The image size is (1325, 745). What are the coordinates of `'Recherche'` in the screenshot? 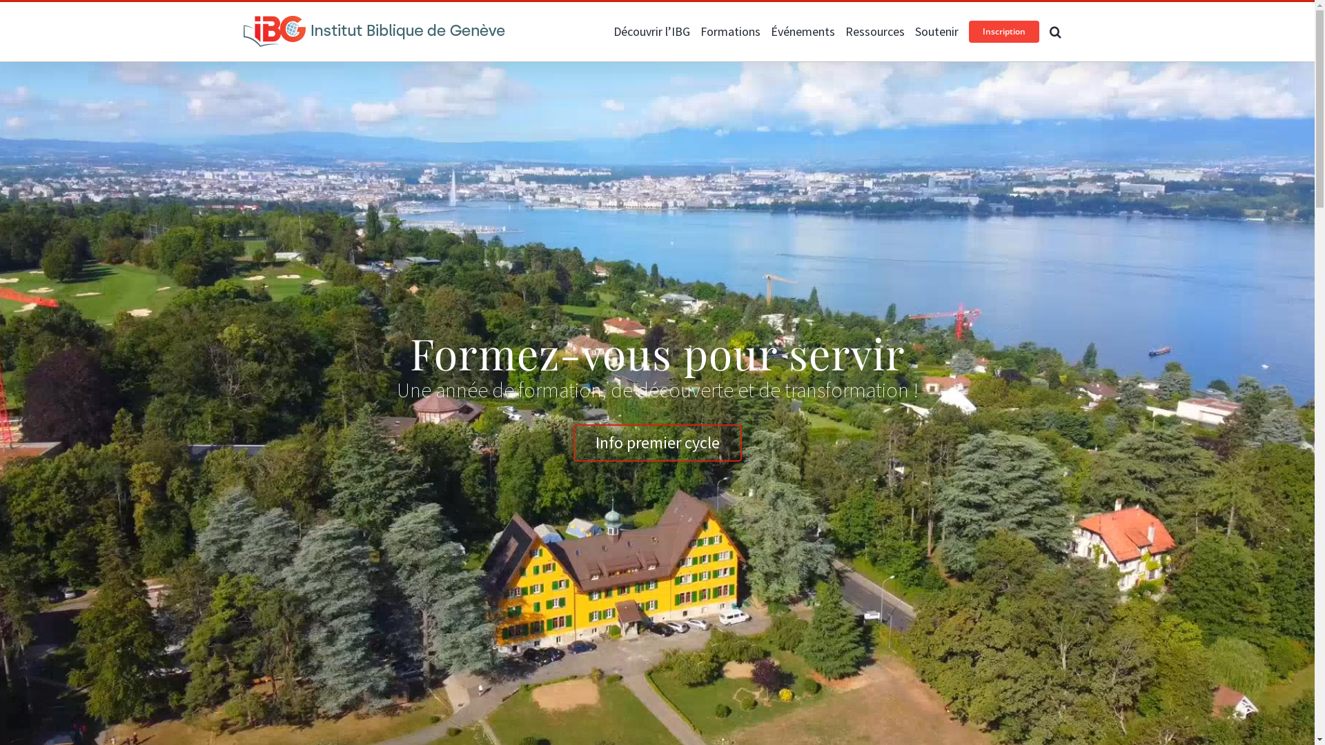 It's located at (1054, 31).